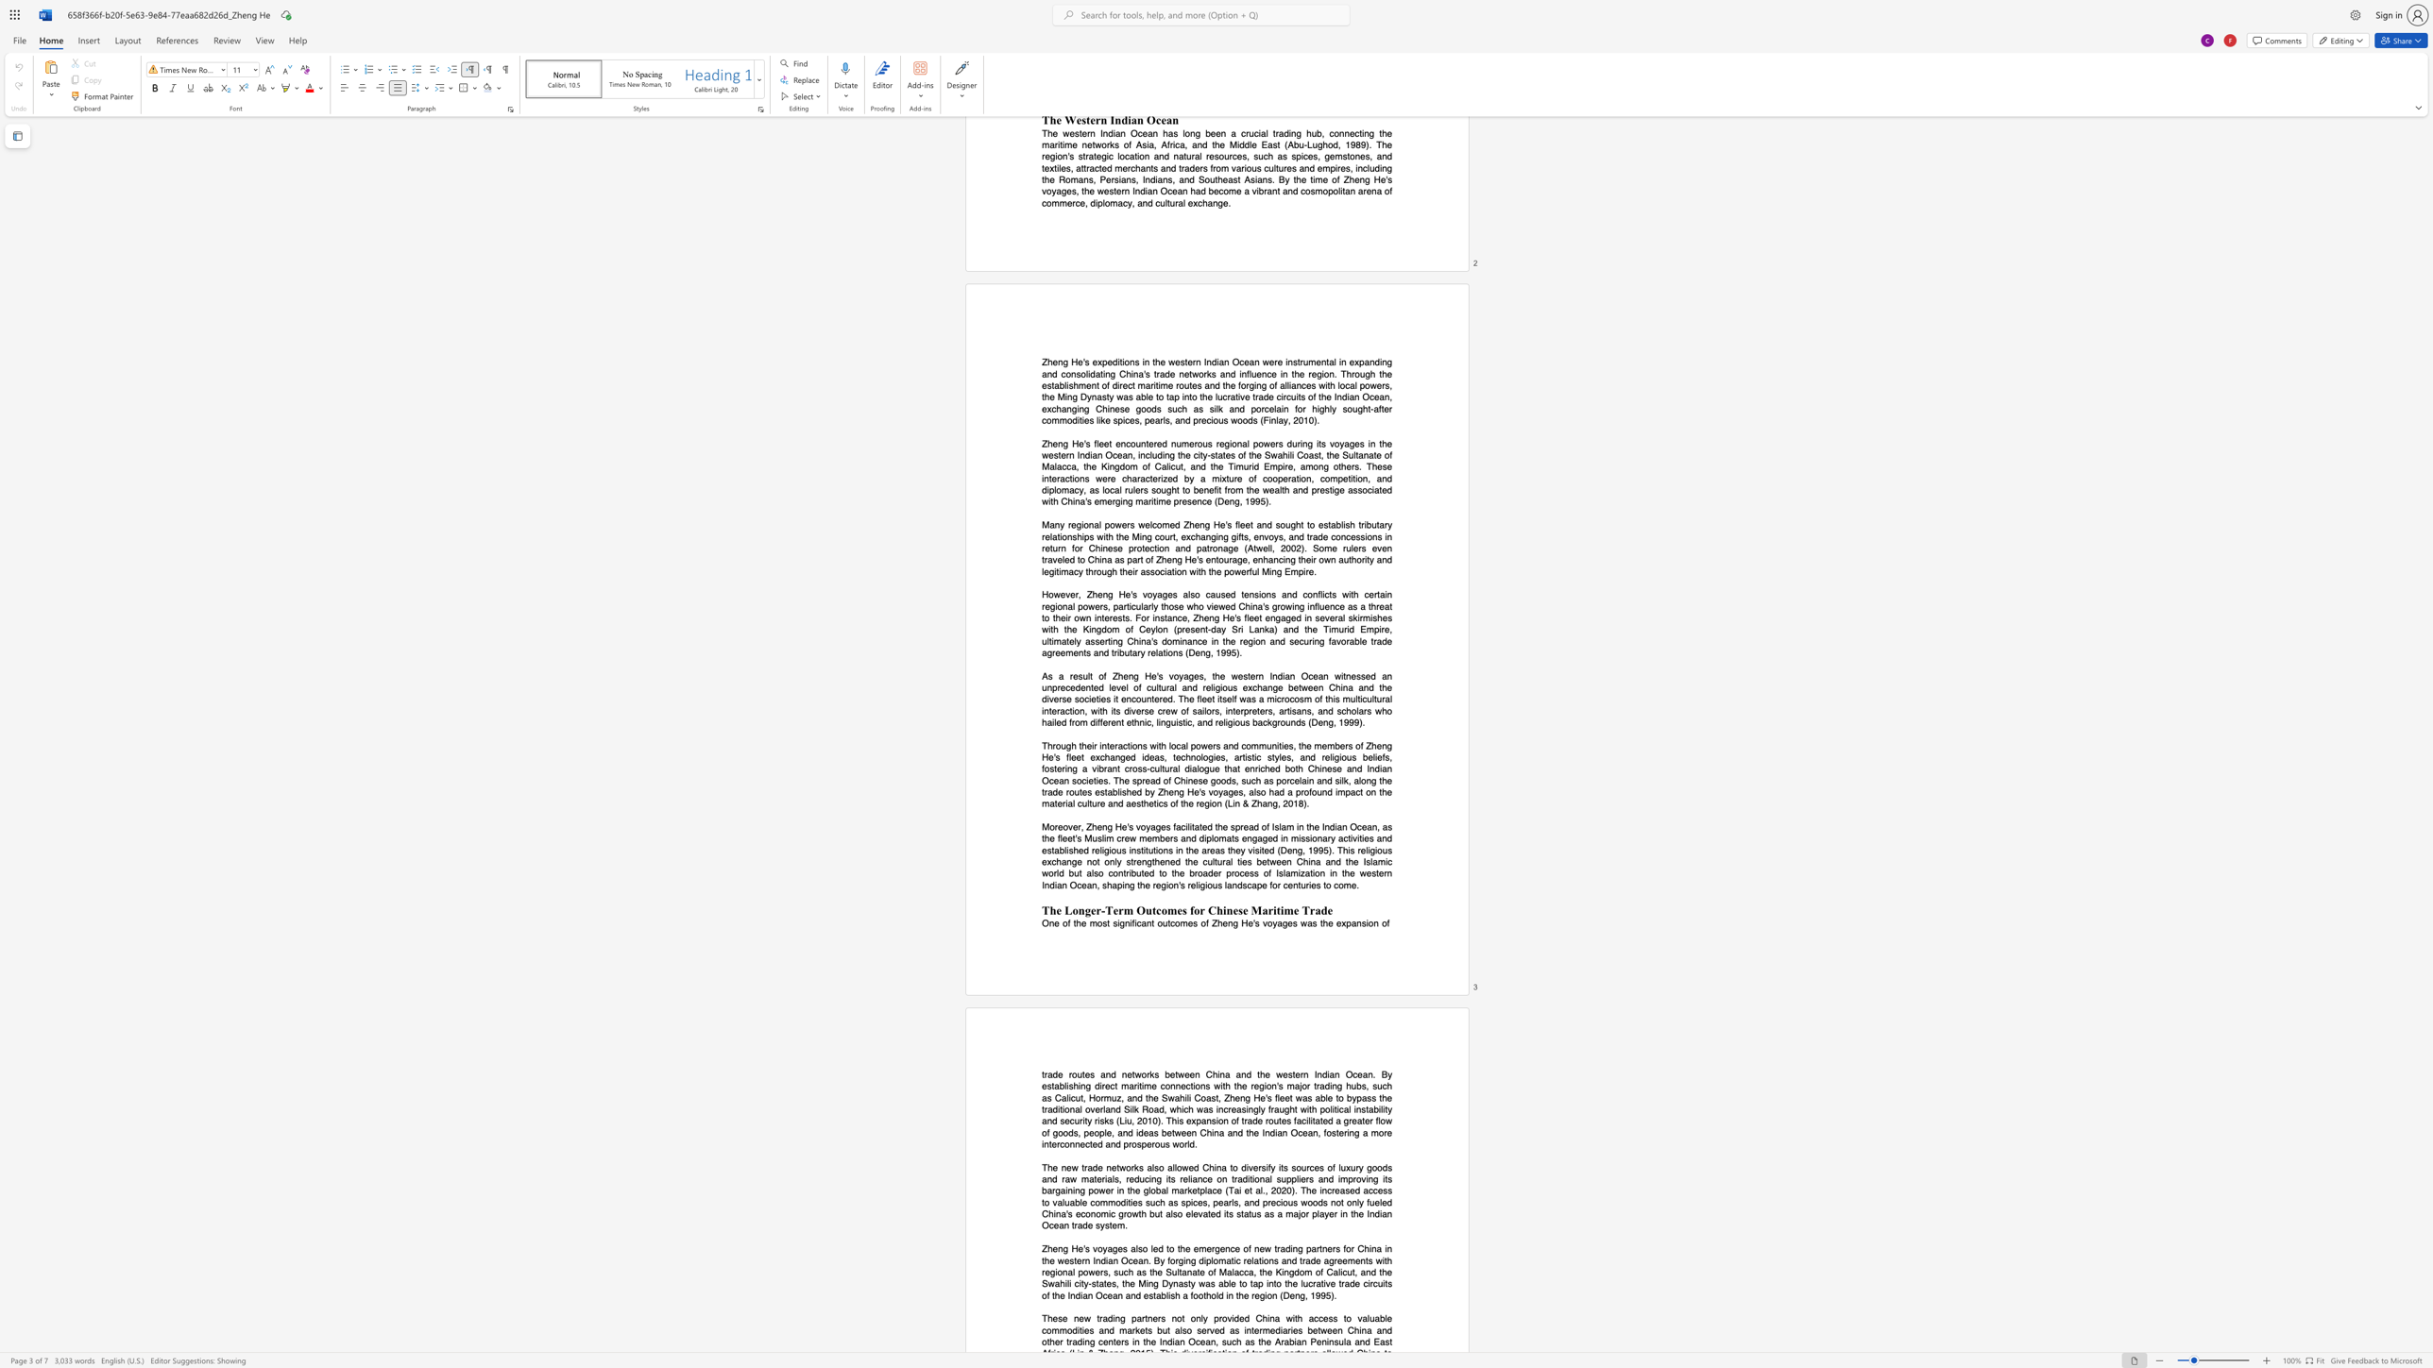 The image size is (2433, 1368). I want to click on the space between the continuous character "d" and "." in the text, so click(1193, 1144).